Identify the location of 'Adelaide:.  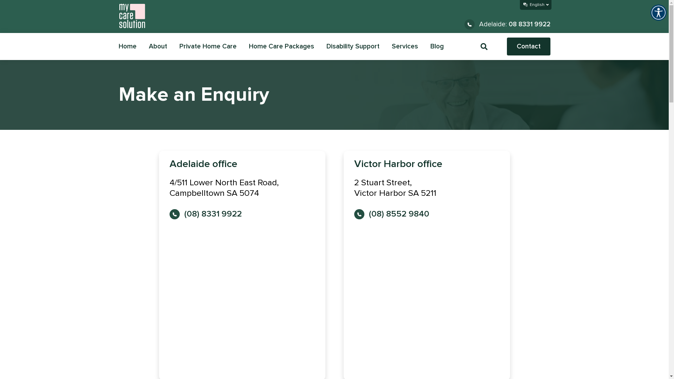
(507, 24).